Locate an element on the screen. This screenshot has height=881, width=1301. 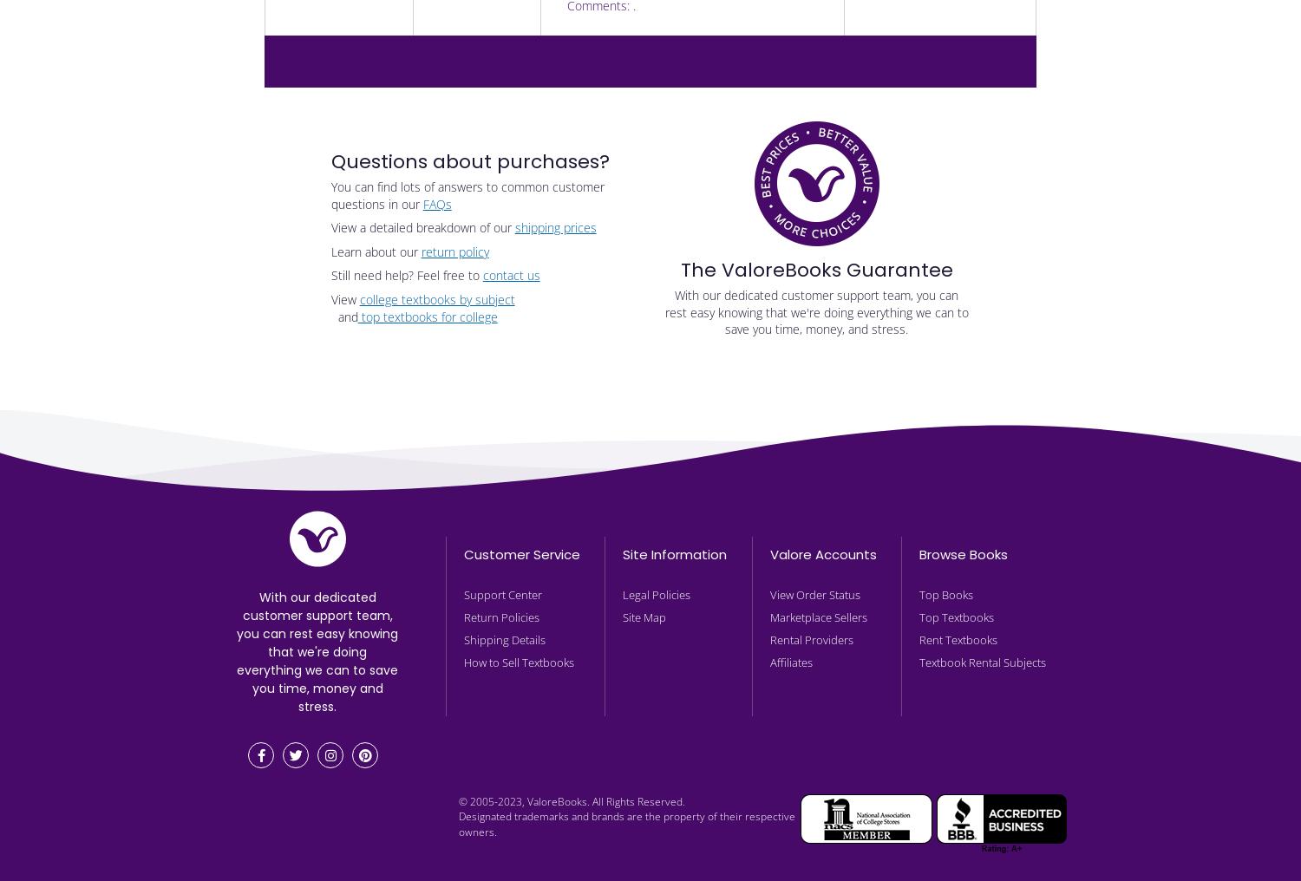
'View Order Status' is located at coordinates (814, 594).